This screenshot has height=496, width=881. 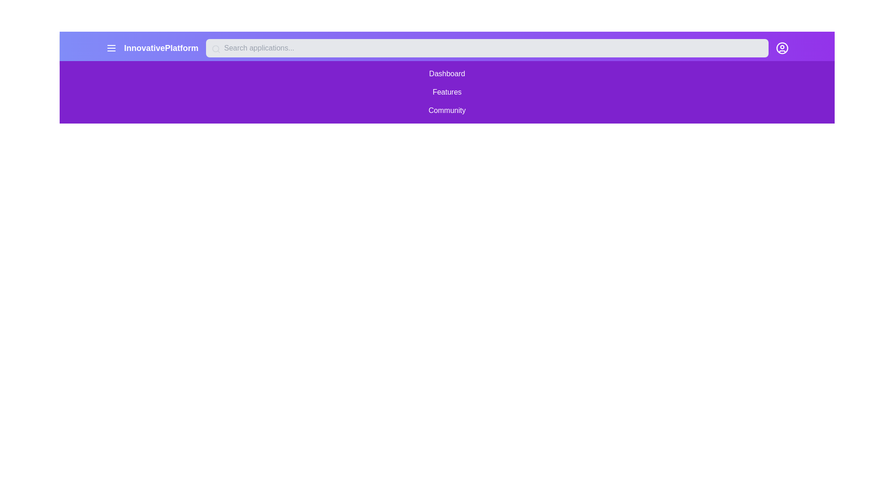 What do you see at coordinates (447, 110) in the screenshot?
I see `the menu item Community from the open menu` at bounding box center [447, 110].